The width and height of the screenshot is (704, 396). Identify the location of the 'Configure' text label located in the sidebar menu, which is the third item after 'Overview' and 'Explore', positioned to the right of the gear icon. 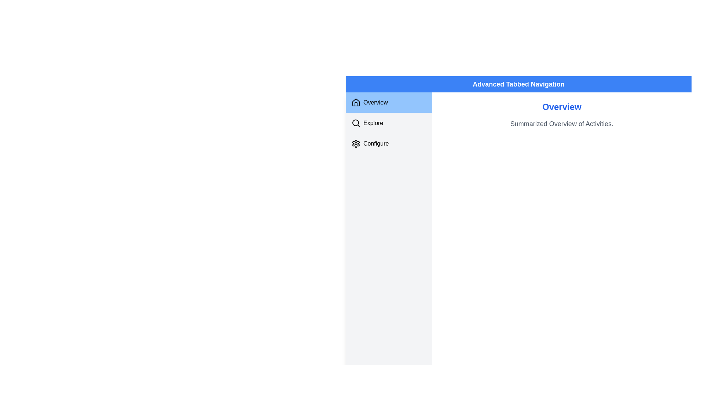
(376, 144).